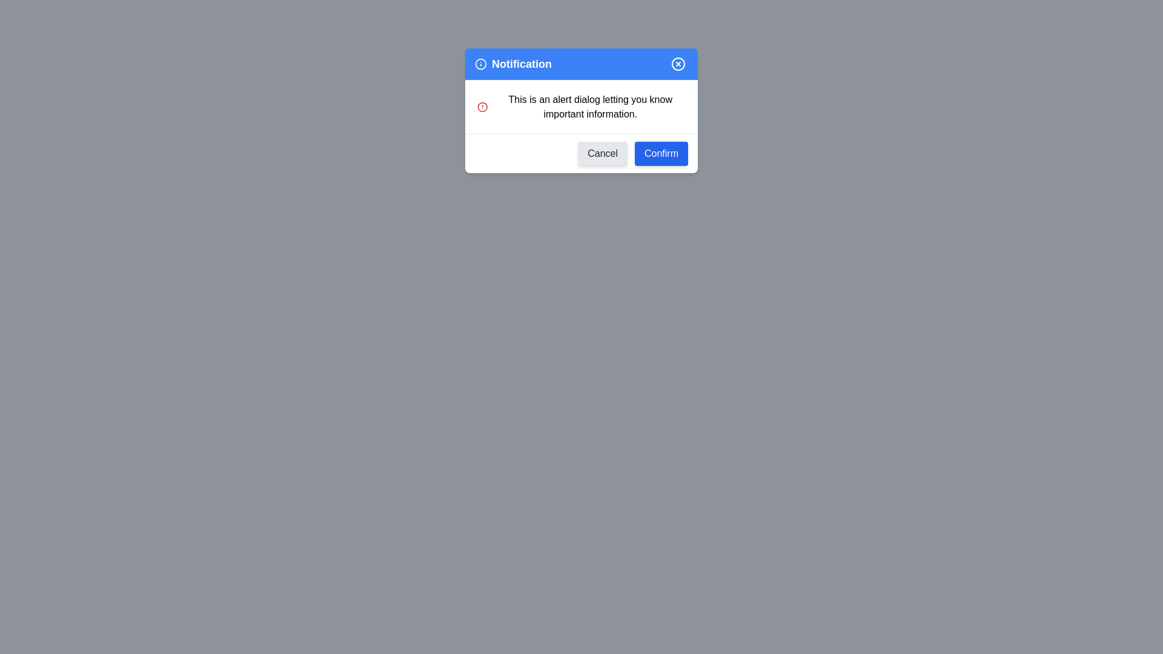 The height and width of the screenshot is (654, 1163). I want to click on the close icon button located on the far-right side of the blue header bar of the modal dialog box, so click(677, 64).